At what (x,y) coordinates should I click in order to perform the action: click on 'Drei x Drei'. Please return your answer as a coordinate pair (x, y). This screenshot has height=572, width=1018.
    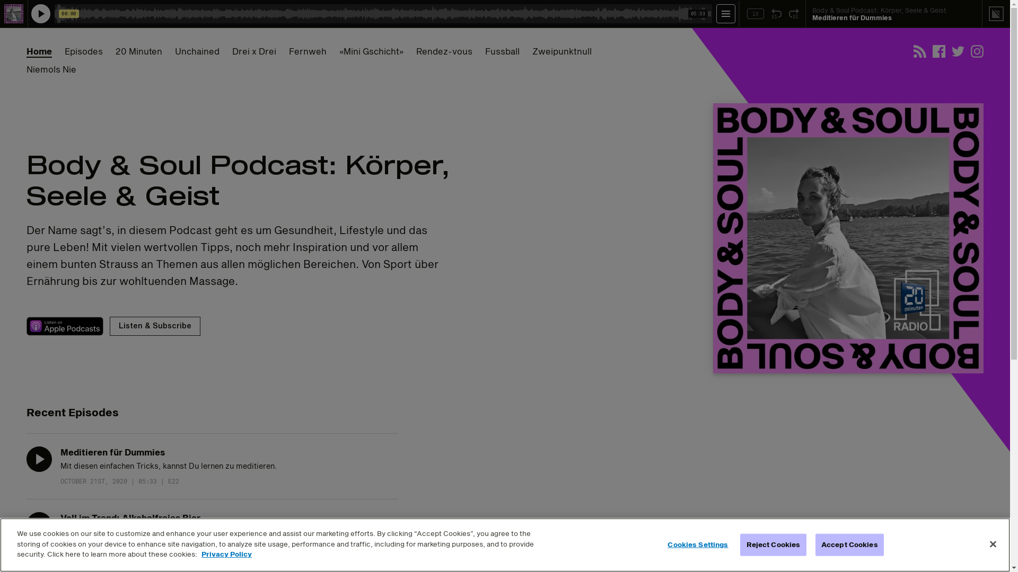
    Looking at the image, I should click on (253, 51).